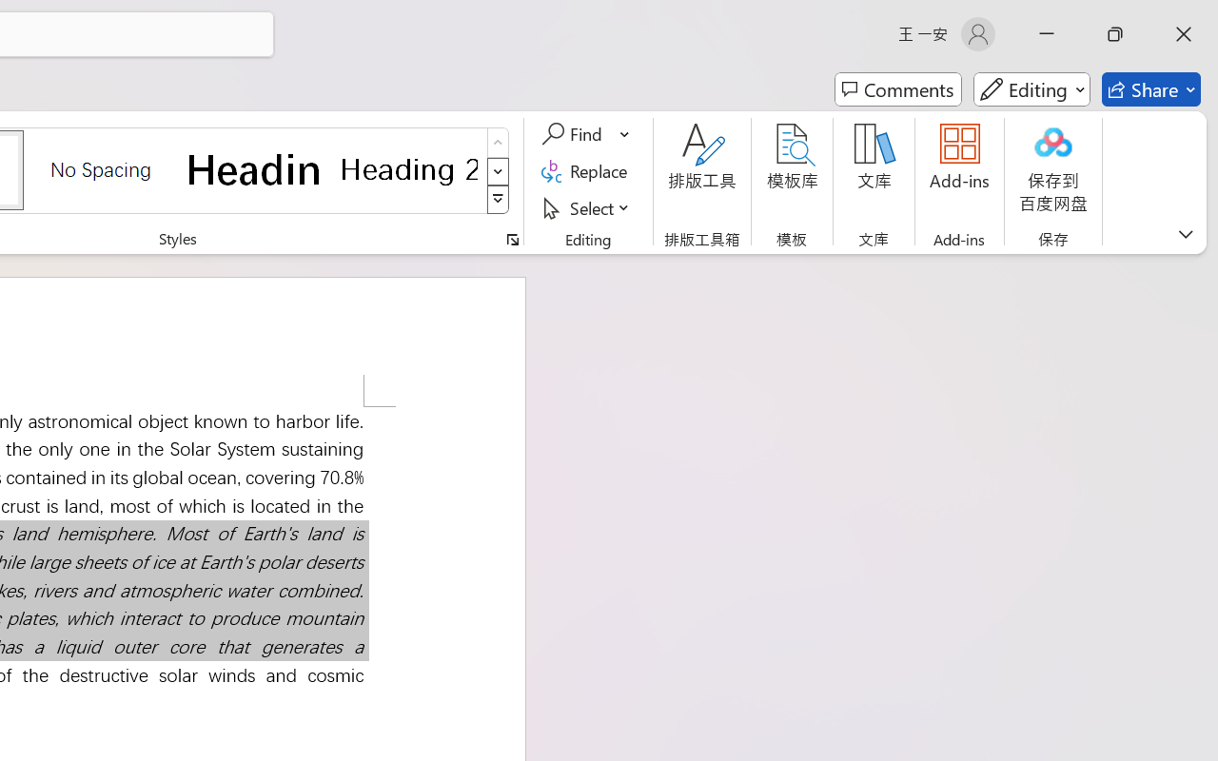 This screenshot has height=761, width=1218. What do you see at coordinates (887, 50) in the screenshot?
I see `'Comments'` at bounding box center [887, 50].